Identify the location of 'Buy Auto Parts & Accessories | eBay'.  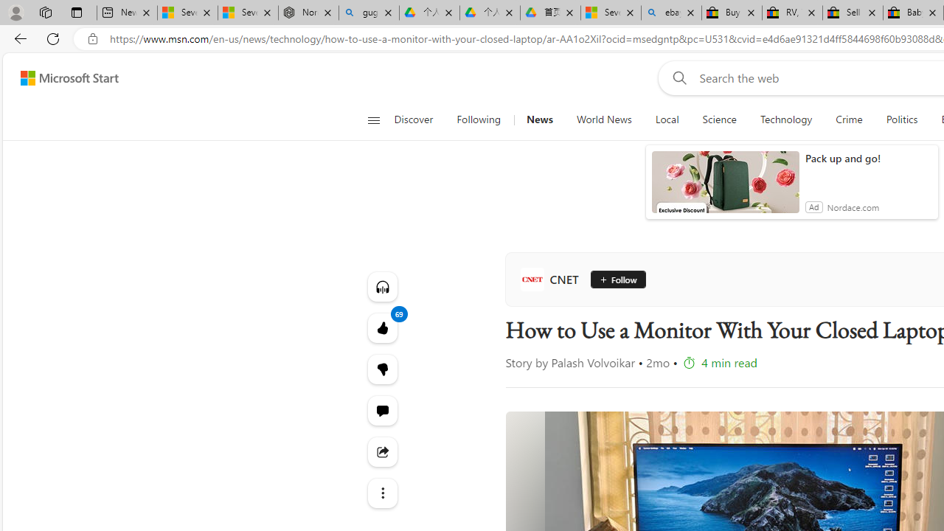
(732, 13).